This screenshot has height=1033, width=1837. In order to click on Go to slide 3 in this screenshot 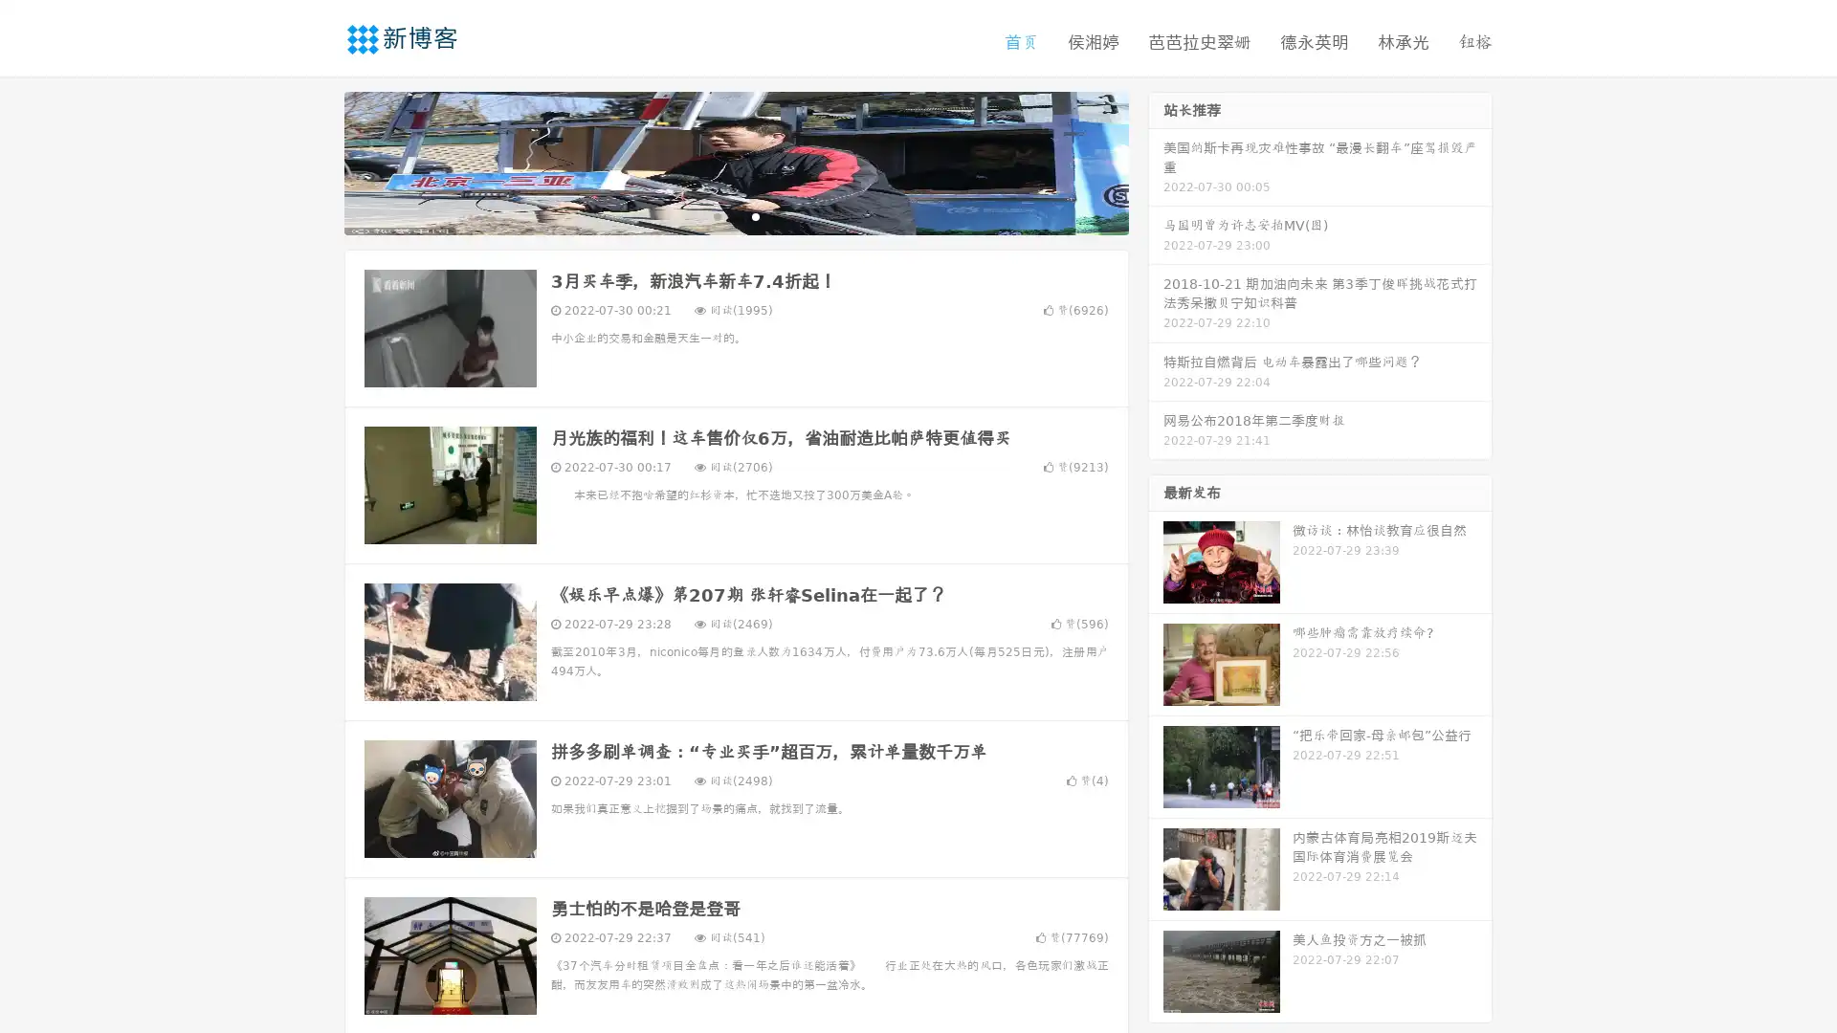, I will do `click(755, 215)`.